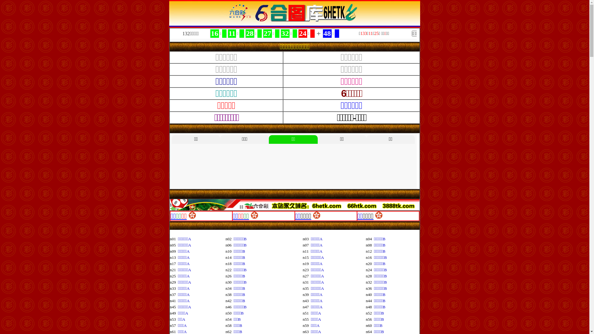  Describe the element at coordinates (370, 269) in the screenshot. I see `'n24 '` at that location.